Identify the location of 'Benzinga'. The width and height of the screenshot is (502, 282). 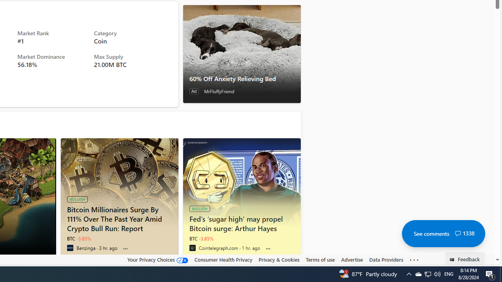
(70, 248).